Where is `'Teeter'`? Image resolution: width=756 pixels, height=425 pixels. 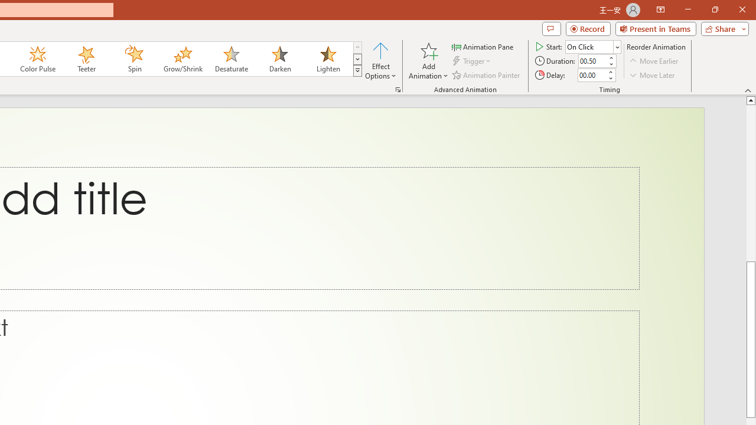
'Teeter' is located at coordinates (85, 59).